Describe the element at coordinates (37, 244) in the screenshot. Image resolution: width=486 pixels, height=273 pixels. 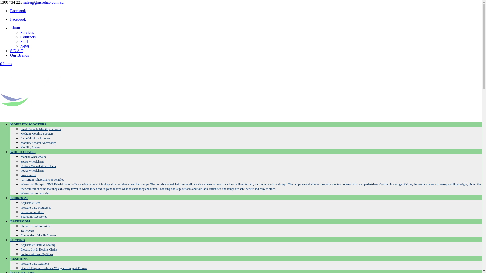
I see `'Adjustable Chairs & Seating'` at that location.